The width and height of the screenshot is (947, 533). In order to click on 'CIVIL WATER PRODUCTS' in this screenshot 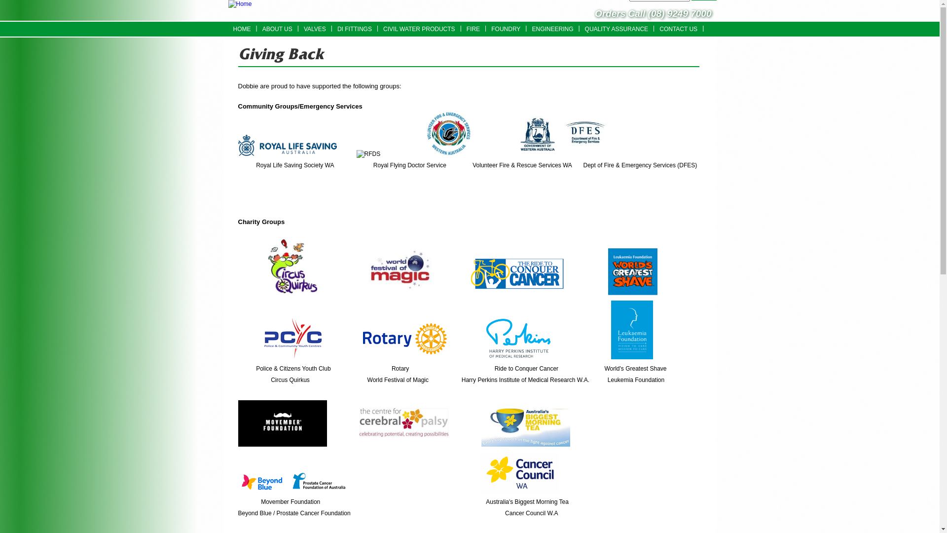, I will do `click(419, 29)`.